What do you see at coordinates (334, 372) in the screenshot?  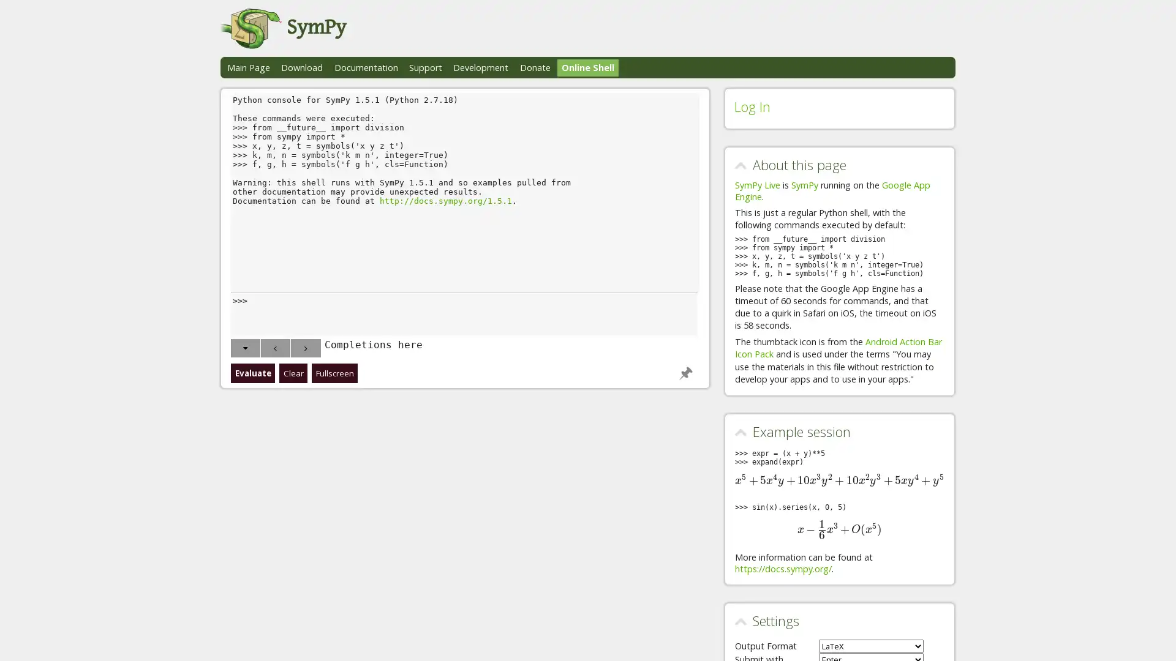 I see `Fullscreen` at bounding box center [334, 372].